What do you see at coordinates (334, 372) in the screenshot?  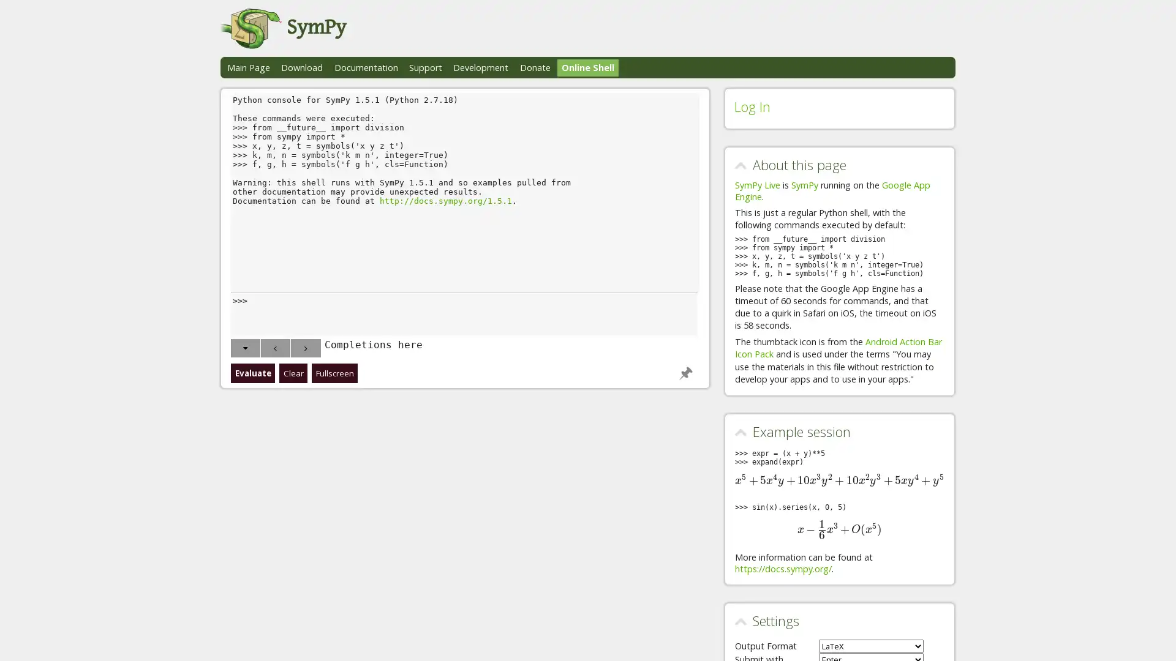 I see `Fullscreen` at bounding box center [334, 372].